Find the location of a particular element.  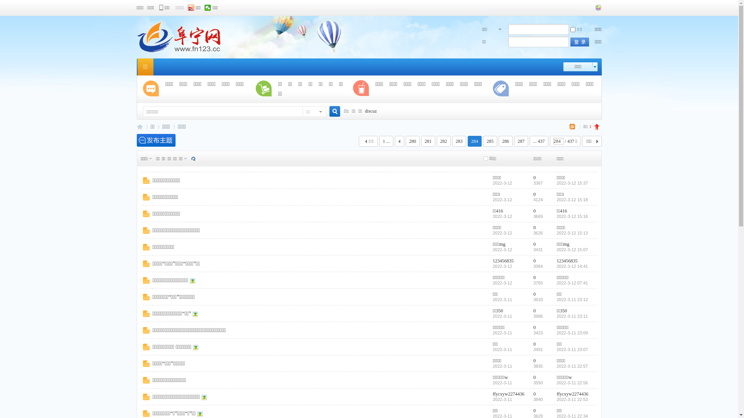

'2022-3-12 15:37' is located at coordinates (572, 183).